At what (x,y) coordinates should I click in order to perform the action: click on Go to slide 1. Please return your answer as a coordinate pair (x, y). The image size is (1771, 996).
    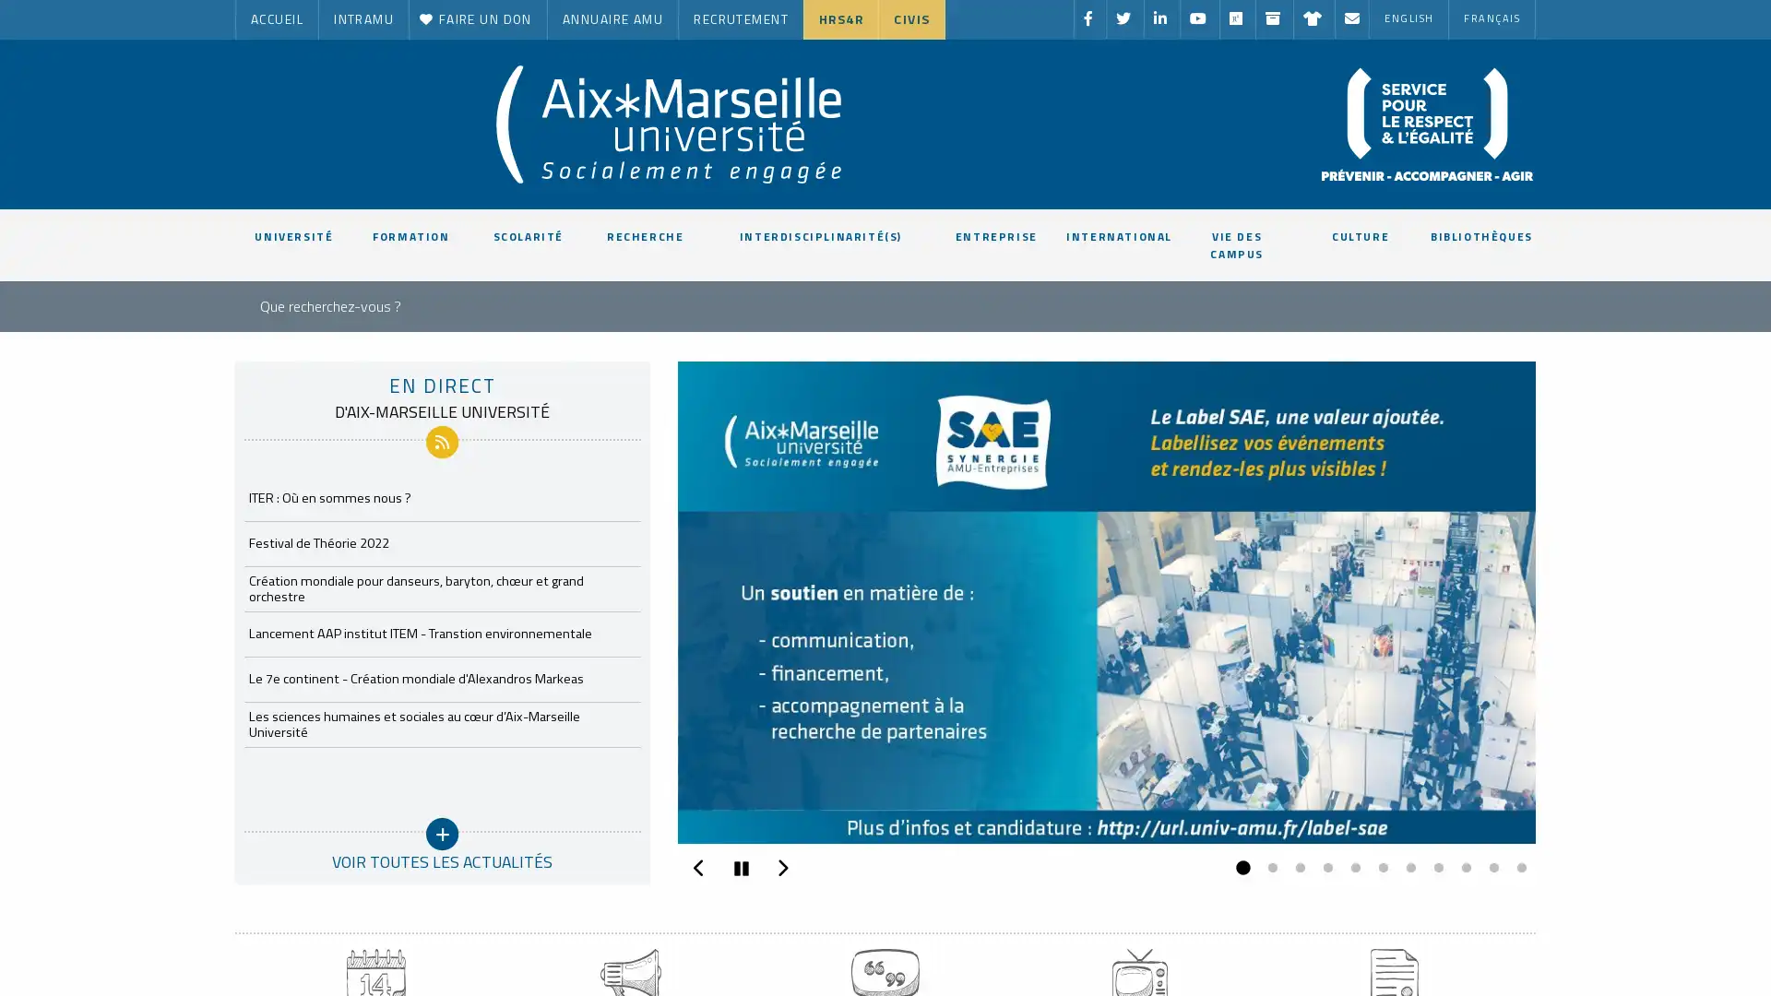
    Looking at the image, I should click on (1240, 868).